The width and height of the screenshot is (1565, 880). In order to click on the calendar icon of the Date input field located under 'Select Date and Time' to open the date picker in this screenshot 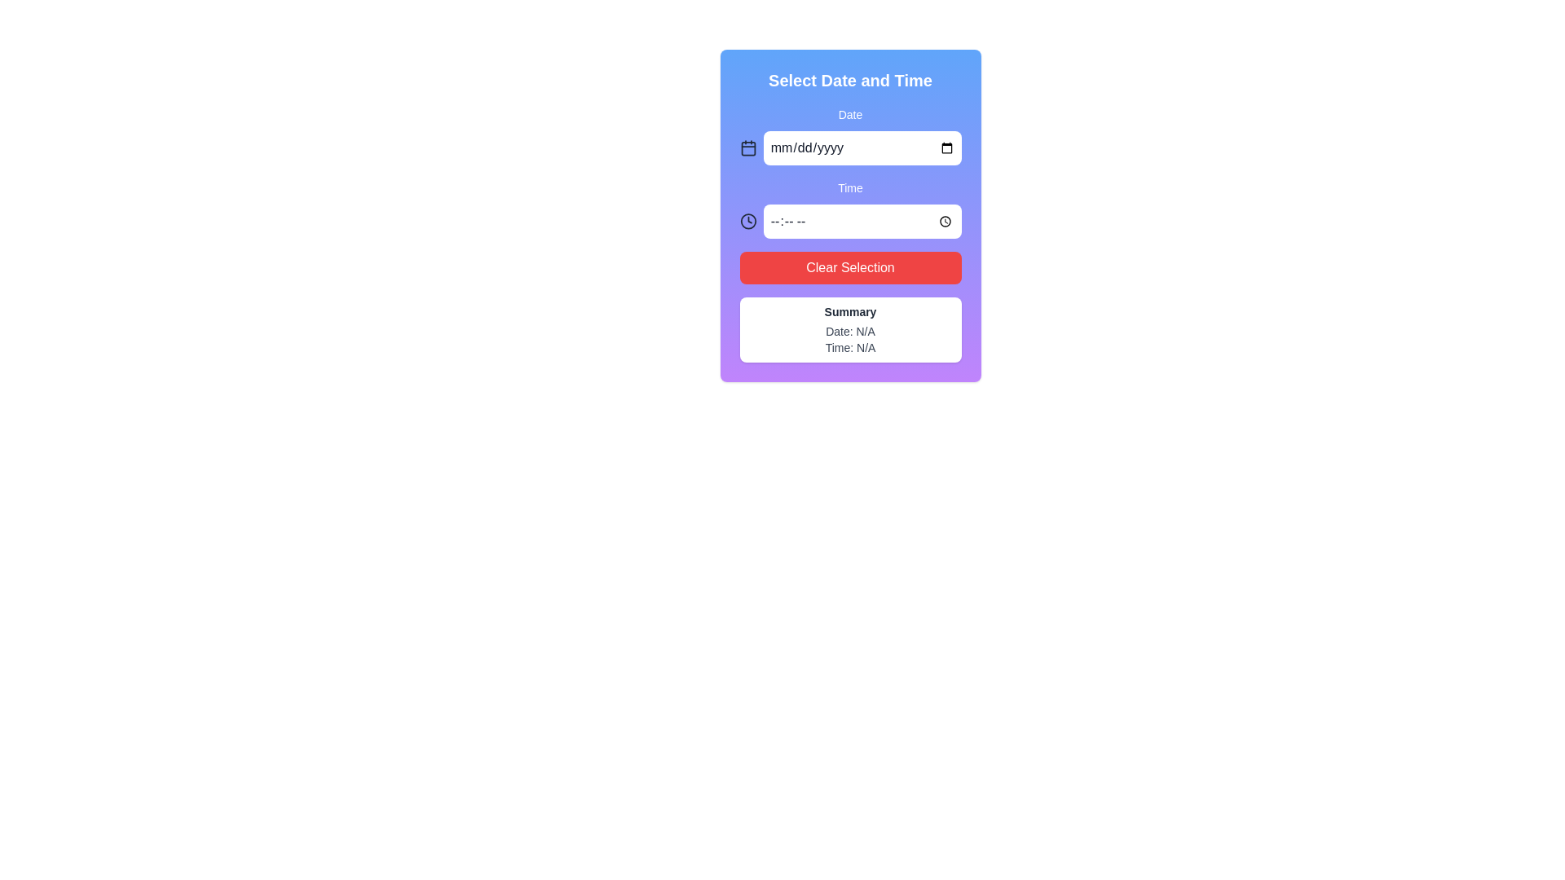, I will do `click(849, 134)`.